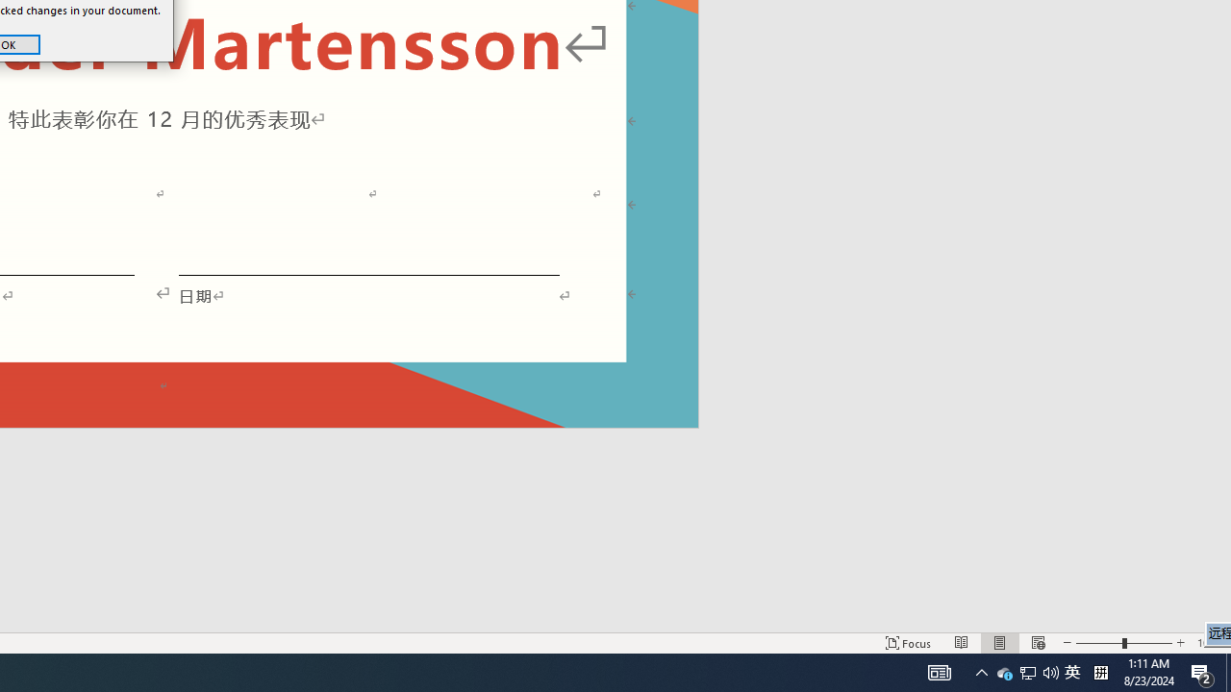  Describe the element at coordinates (1026, 671) in the screenshot. I see `'Q2790: 100%'` at that location.